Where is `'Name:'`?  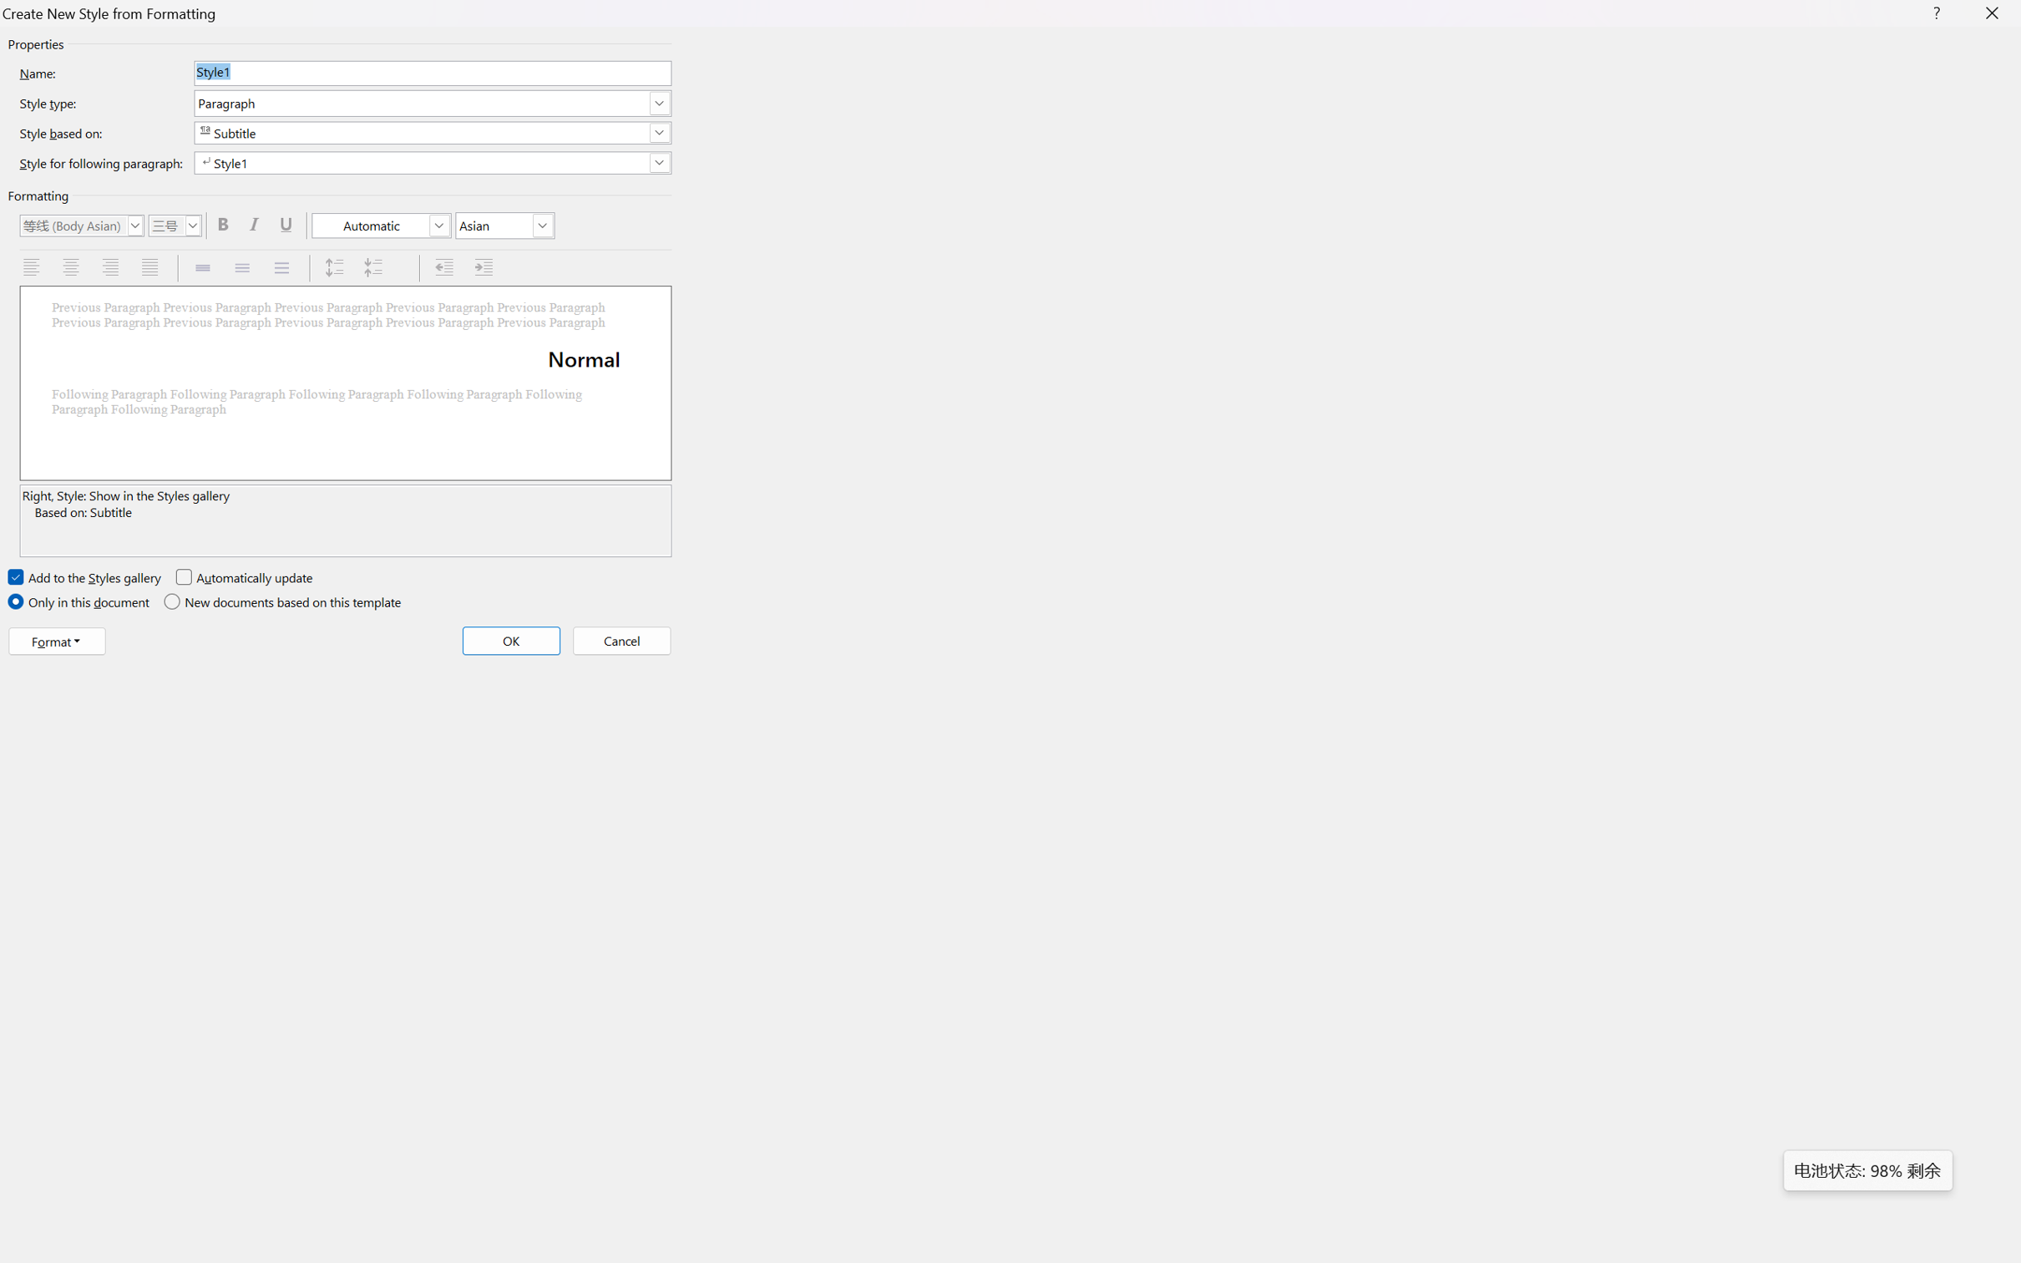
'Name:' is located at coordinates (431, 73).